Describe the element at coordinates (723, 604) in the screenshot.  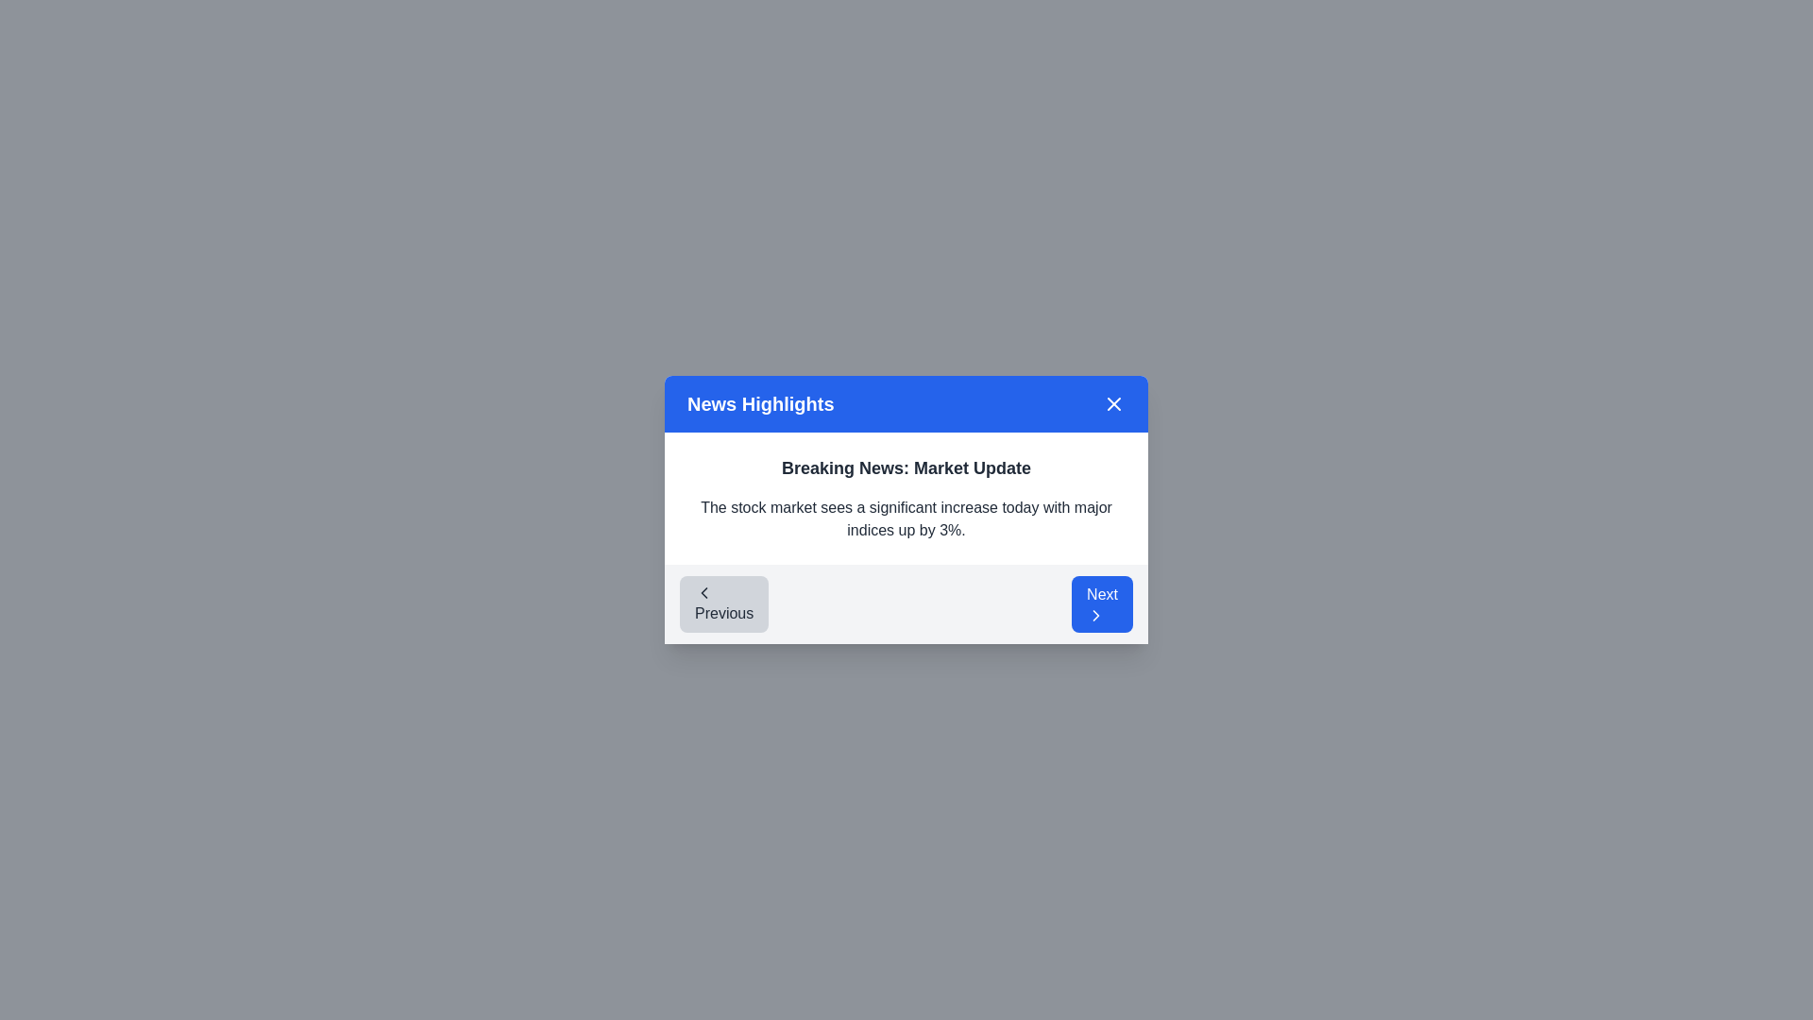
I see `the navigation button located in the lower-left portion of the modal dialog` at that location.